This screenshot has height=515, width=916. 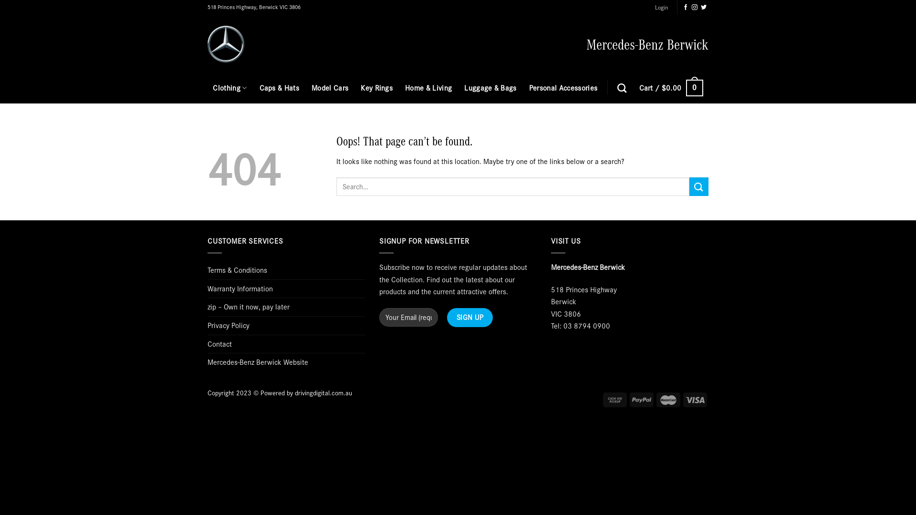 I want to click on 'drivingdigital.com.au', so click(x=323, y=393).